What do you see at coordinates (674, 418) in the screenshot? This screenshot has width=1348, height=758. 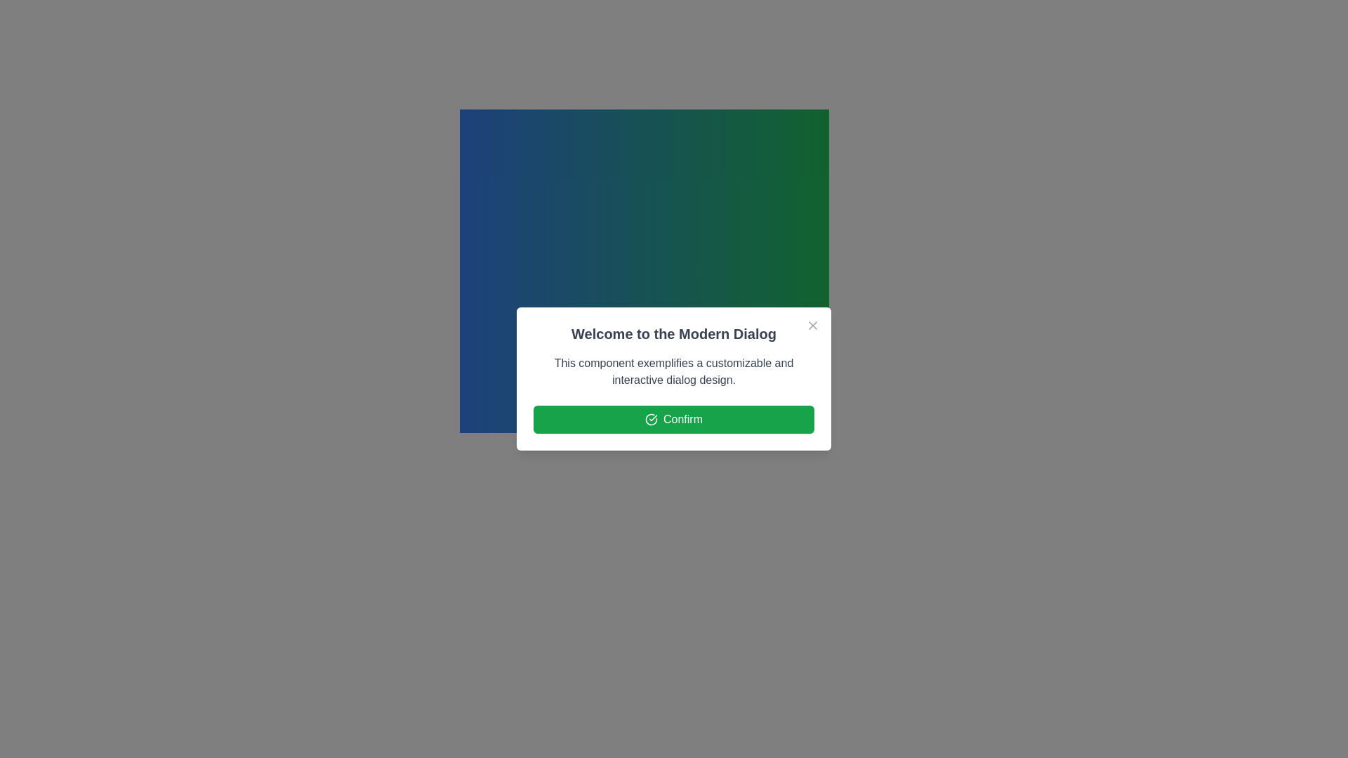 I see `the confirm button located at the bottom of the 'Welcome to the Modern Dialog' dialog box to proceed with the process` at bounding box center [674, 418].